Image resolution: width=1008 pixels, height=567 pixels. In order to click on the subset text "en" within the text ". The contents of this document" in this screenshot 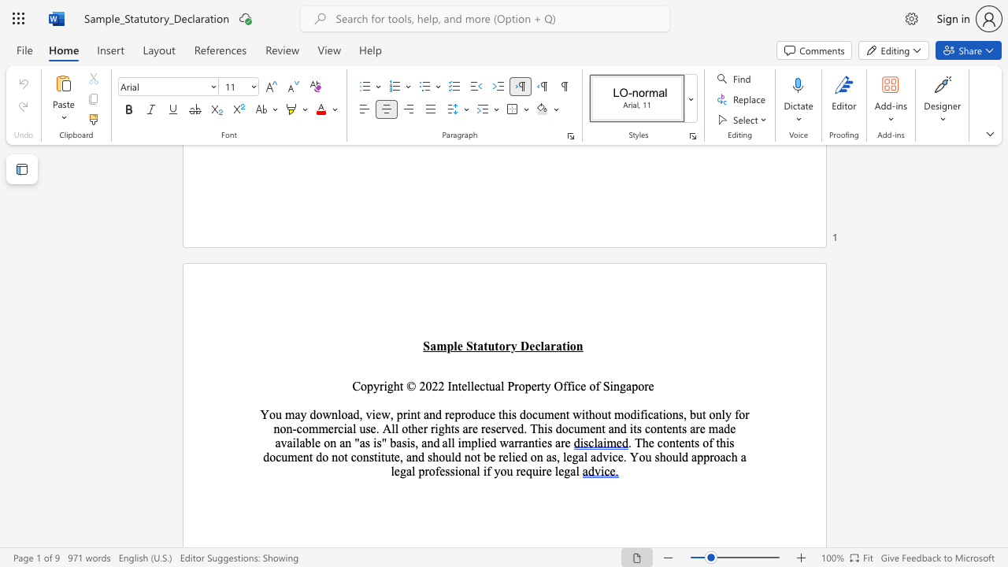, I will do `click(297, 457)`.